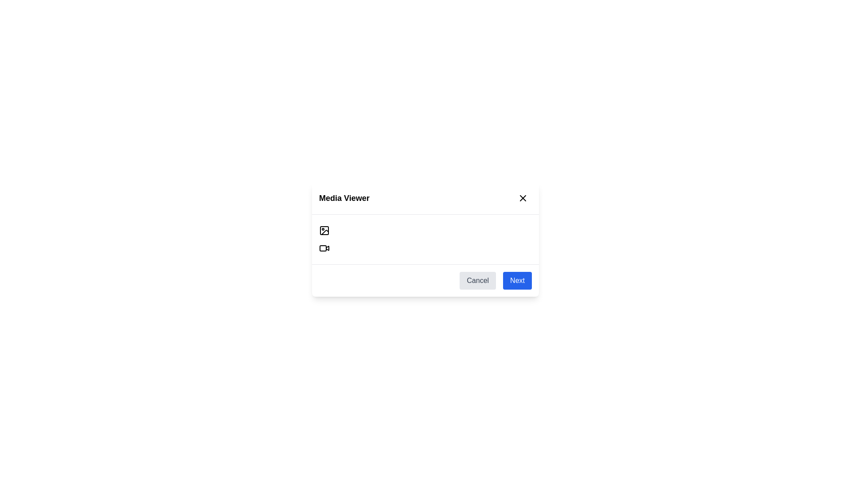 This screenshot has height=479, width=851. I want to click on the 'Cancel' button with light gray background and rounded corners, located at the bottom-right of the 'Media Viewer' dialog box, so click(477, 280).